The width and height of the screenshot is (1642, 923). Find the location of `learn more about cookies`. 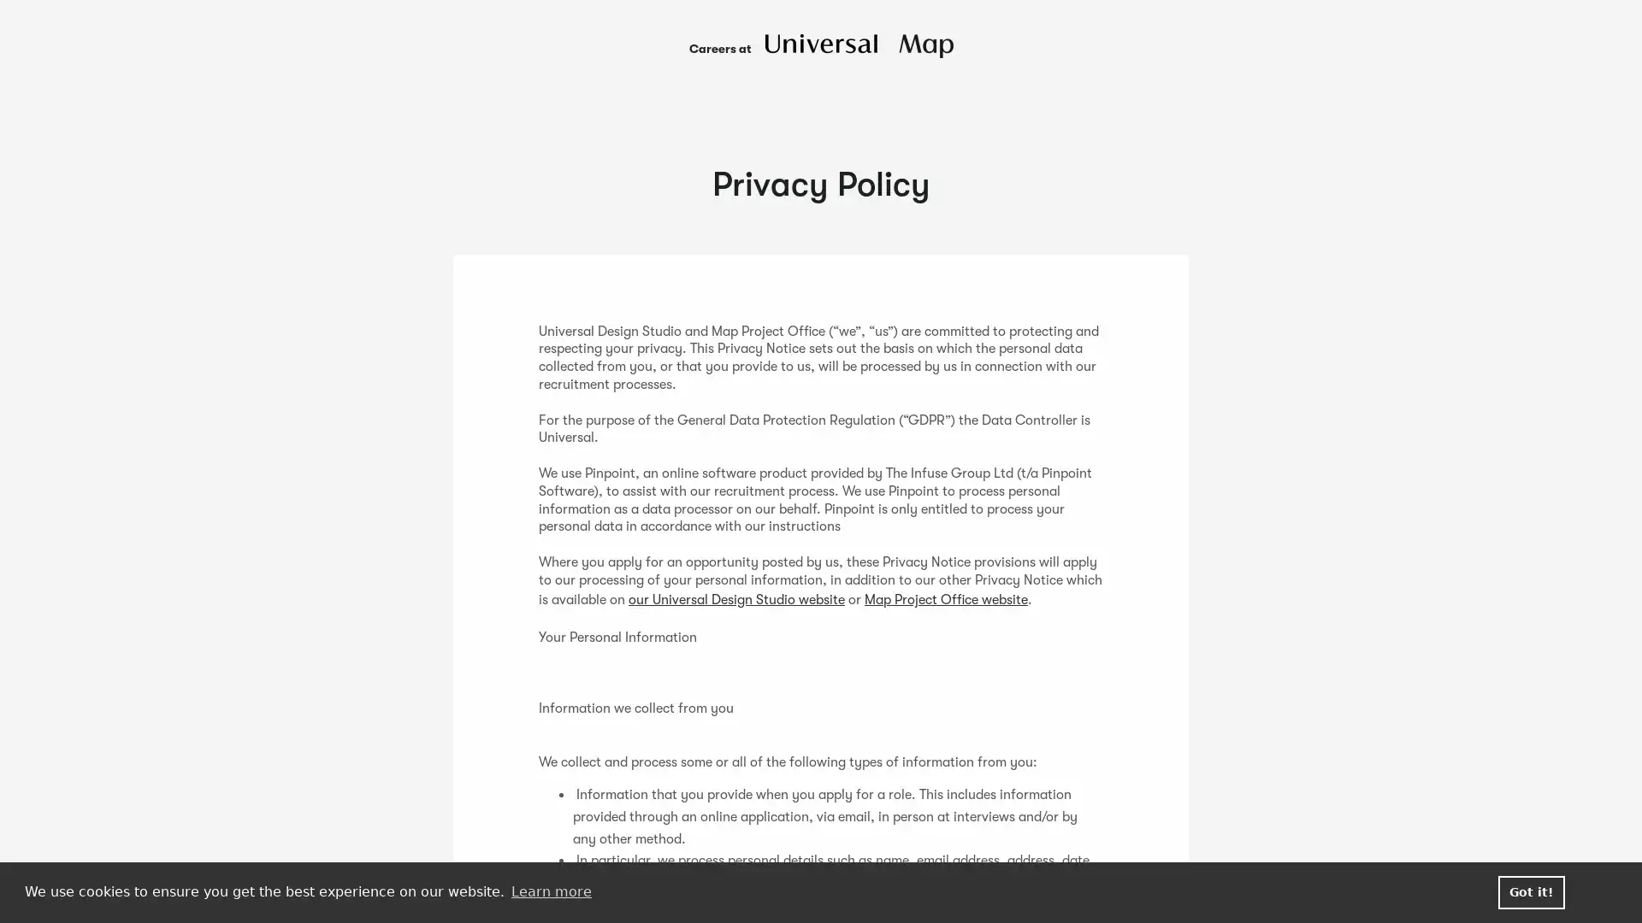

learn more about cookies is located at coordinates (551, 891).